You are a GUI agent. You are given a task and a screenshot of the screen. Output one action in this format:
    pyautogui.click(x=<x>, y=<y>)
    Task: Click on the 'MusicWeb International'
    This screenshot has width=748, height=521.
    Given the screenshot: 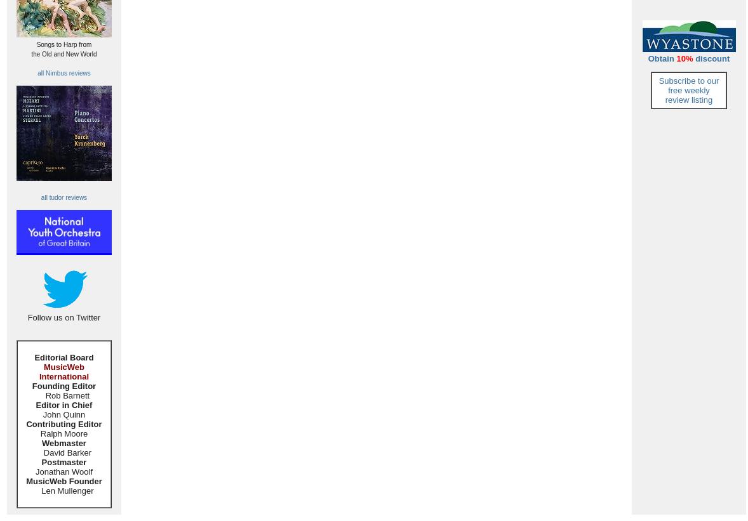 What is the action you would take?
    pyautogui.click(x=63, y=370)
    